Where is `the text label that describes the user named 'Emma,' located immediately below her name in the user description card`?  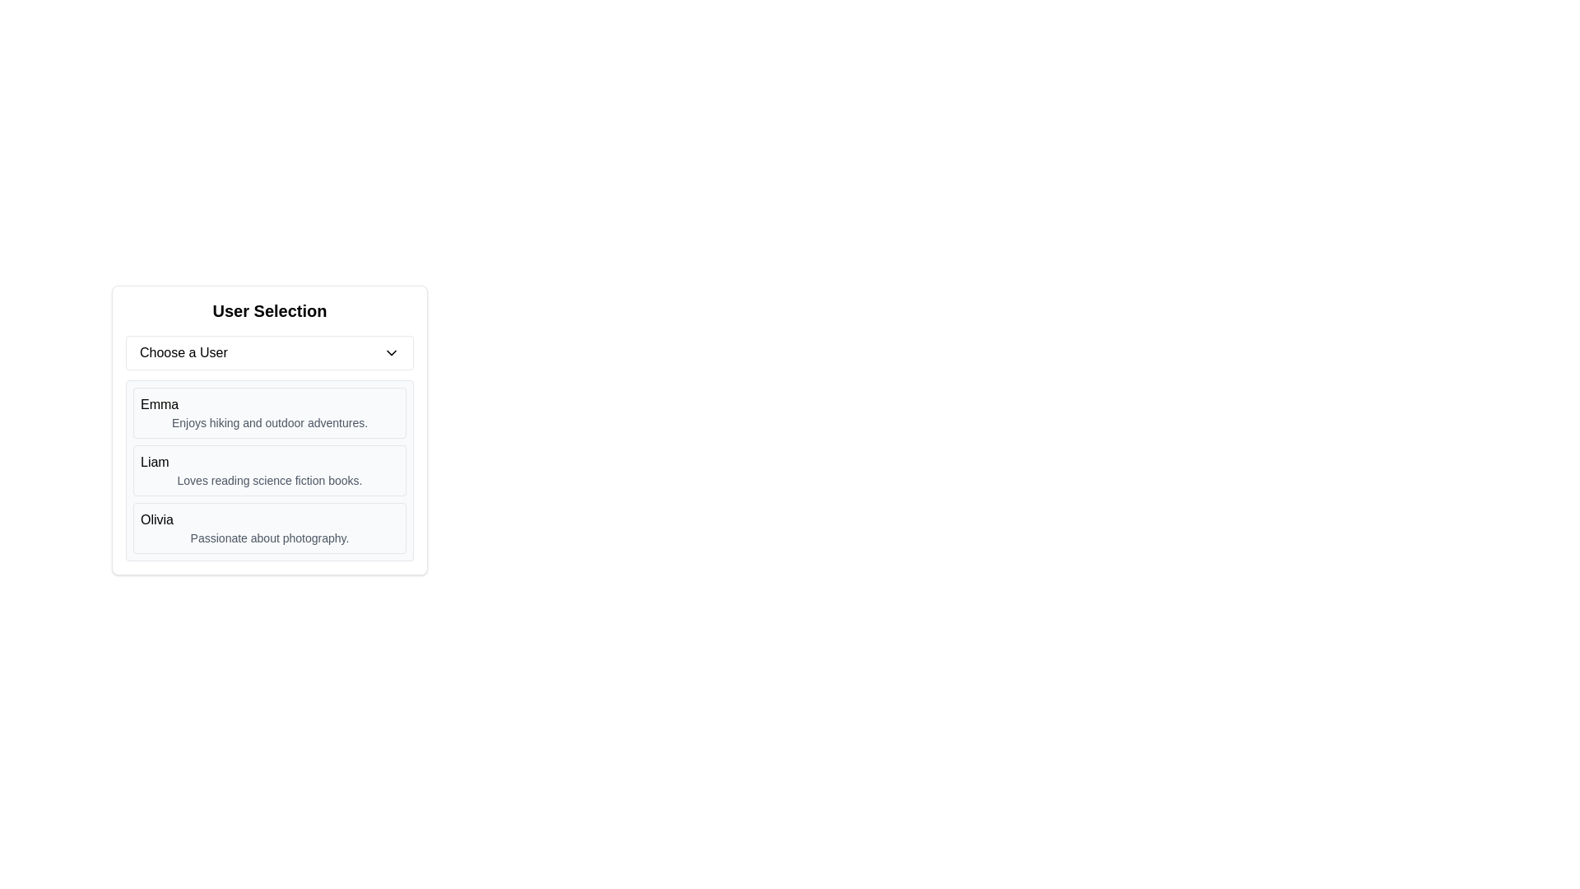 the text label that describes the user named 'Emma,' located immediately below her name in the user description card is located at coordinates (269, 421).